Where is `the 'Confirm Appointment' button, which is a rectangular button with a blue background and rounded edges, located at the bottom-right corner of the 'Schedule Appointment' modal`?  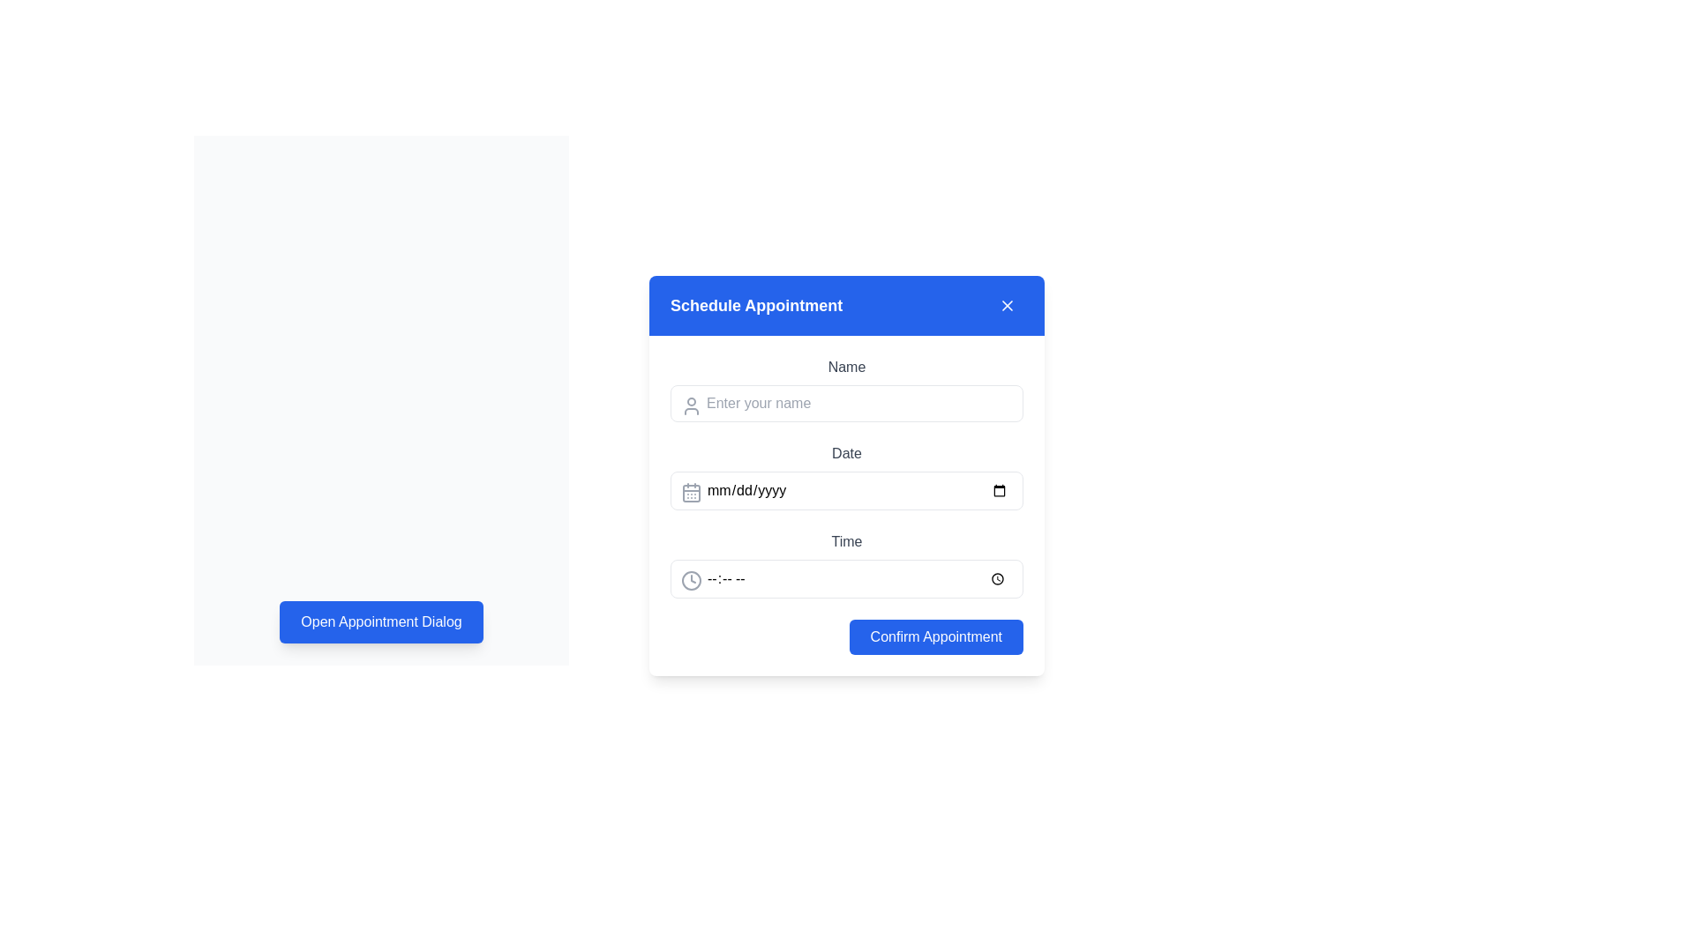 the 'Confirm Appointment' button, which is a rectangular button with a blue background and rounded edges, located at the bottom-right corner of the 'Schedule Appointment' modal is located at coordinates (847, 636).